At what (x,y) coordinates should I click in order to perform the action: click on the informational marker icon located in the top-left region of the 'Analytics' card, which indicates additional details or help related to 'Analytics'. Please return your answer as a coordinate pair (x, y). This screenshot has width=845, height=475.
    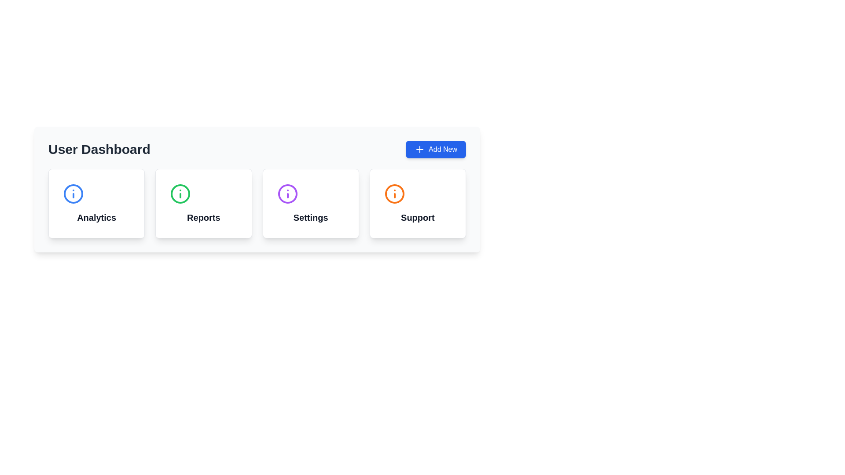
    Looking at the image, I should click on (73, 193).